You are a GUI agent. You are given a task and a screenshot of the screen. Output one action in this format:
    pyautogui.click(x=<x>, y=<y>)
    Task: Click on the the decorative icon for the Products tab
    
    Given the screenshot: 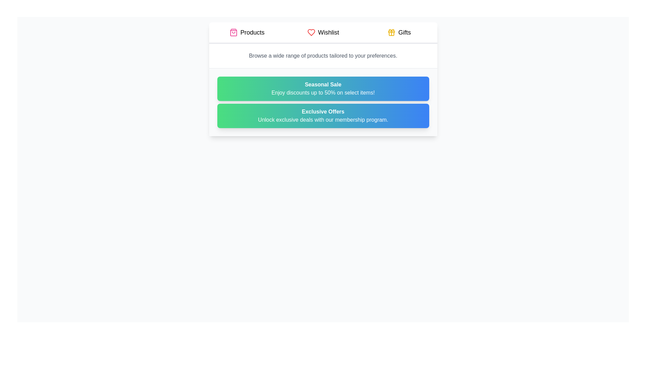 What is the action you would take?
    pyautogui.click(x=233, y=33)
    